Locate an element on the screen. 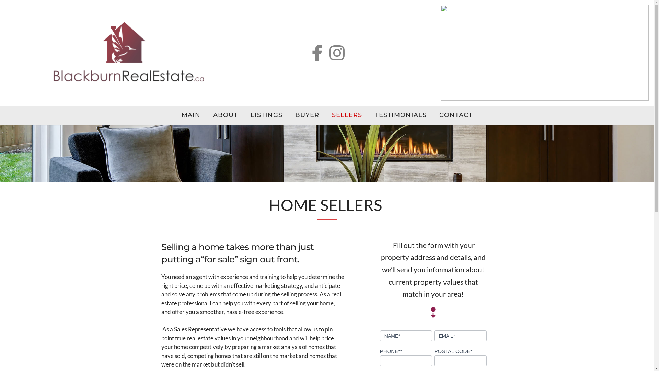  'TESTIMONIALS' is located at coordinates (400, 115).